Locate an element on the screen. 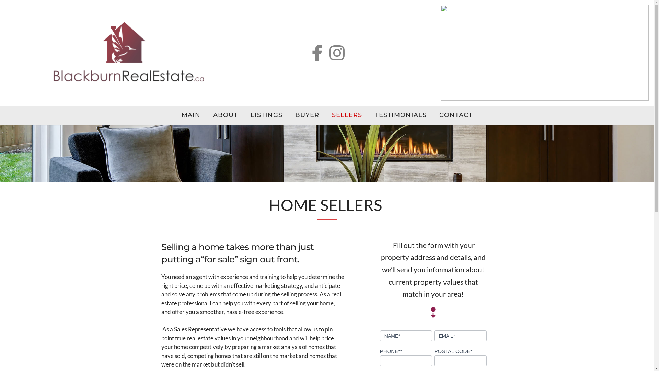  'TESTIMONIALS' is located at coordinates (400, 115).